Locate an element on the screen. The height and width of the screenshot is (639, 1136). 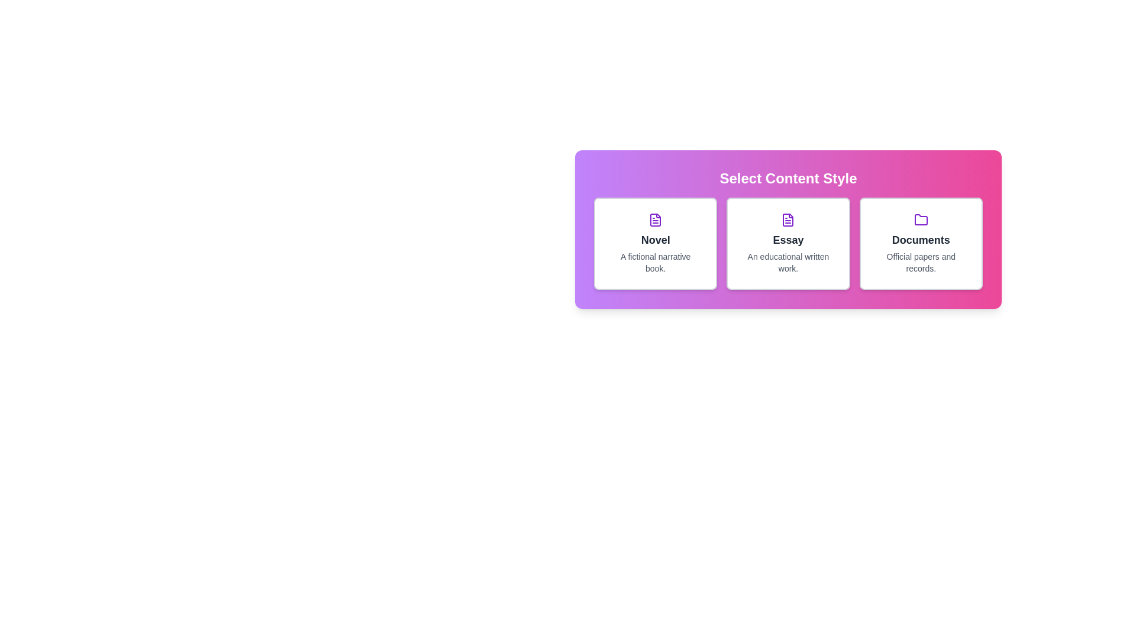
the interactive selection card labeled 'Essay' which is the second card in the row of three within the 'Select Content Style' section is located at coordinates (788, 230).